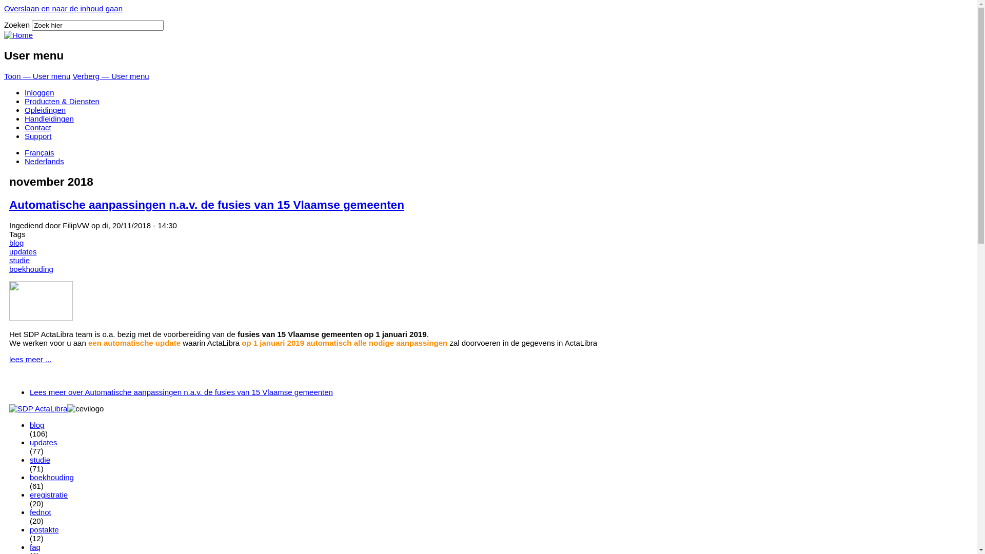 This screenshot has height=554, width=985. I want to click on 'Opleidingen', so click(44, 110).